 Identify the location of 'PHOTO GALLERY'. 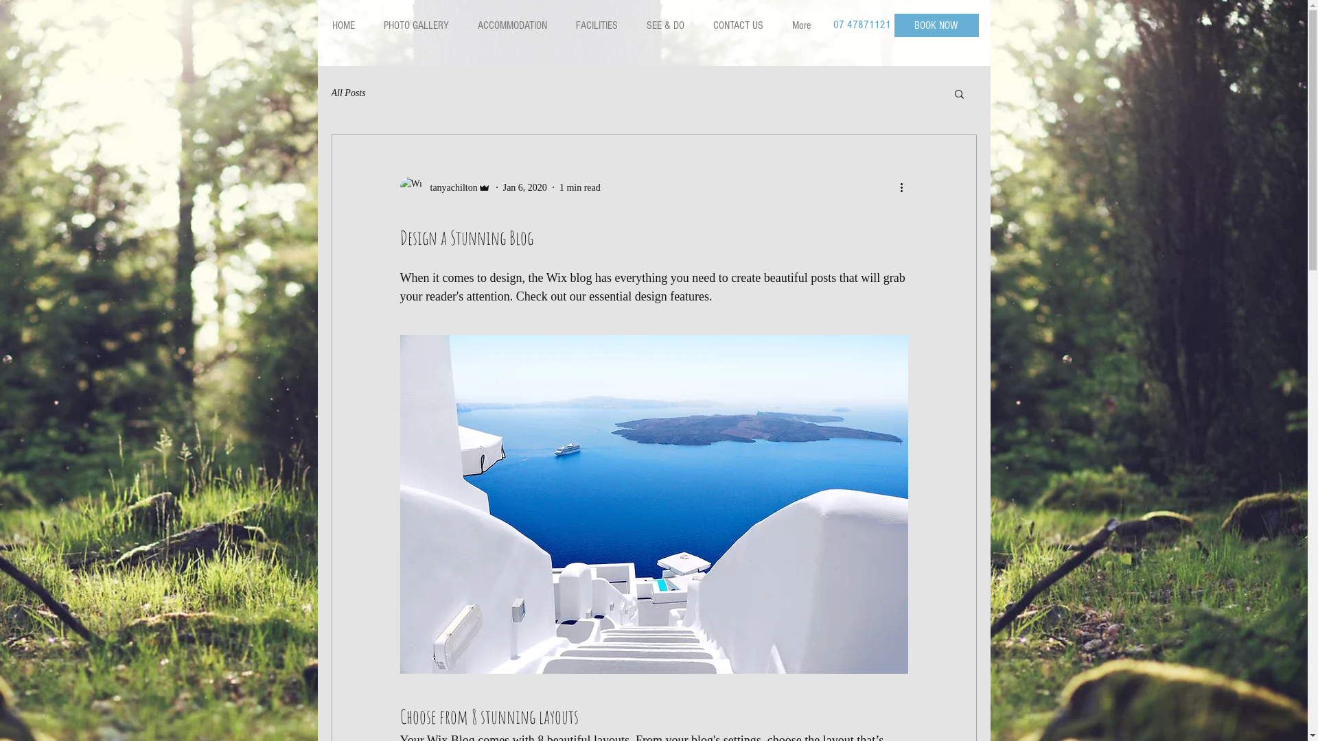
(415, 25).